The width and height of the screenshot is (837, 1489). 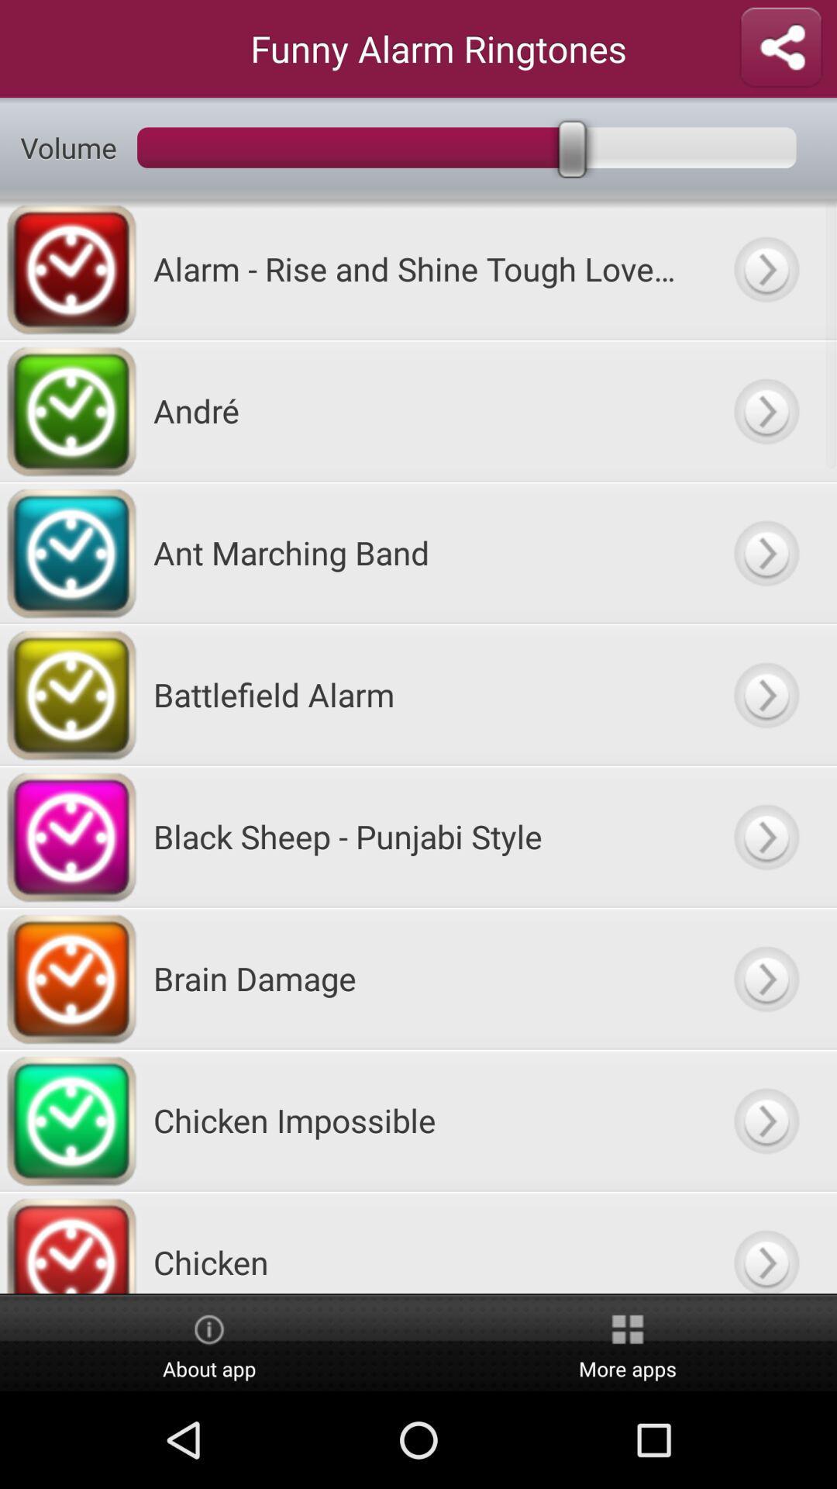 I want to click on go forward, so click(x=765, y=1242).